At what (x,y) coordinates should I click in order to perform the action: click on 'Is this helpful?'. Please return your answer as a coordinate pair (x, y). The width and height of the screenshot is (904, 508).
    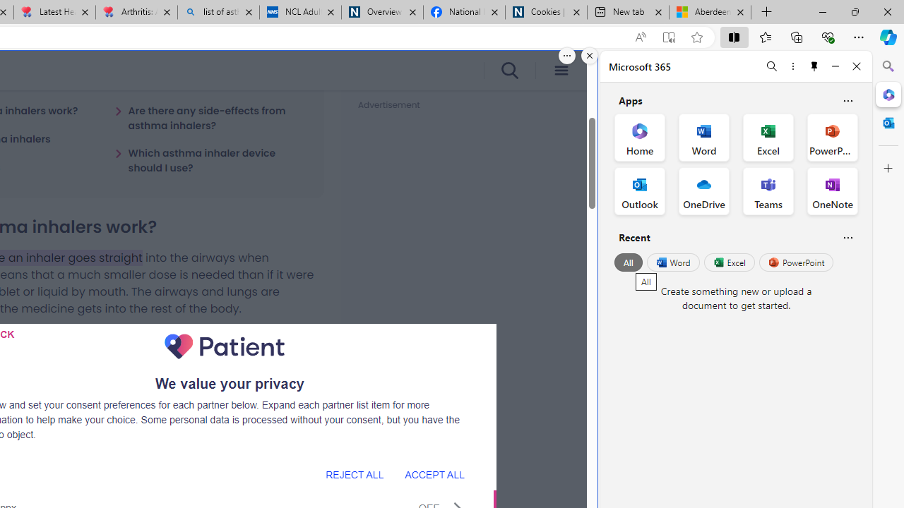
    Looking at the image, I should click on (847, 236).